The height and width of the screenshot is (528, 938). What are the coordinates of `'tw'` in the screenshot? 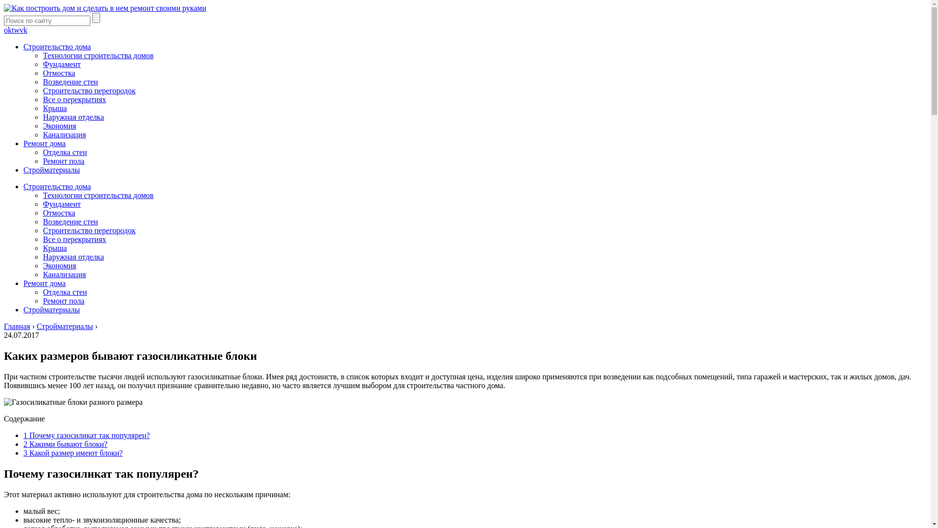 It's located at (16, 29).